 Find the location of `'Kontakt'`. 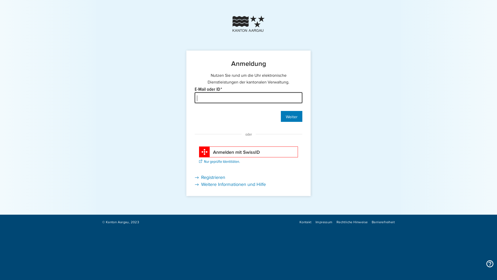

'Kontakt' is located at coordinates (299, 222).